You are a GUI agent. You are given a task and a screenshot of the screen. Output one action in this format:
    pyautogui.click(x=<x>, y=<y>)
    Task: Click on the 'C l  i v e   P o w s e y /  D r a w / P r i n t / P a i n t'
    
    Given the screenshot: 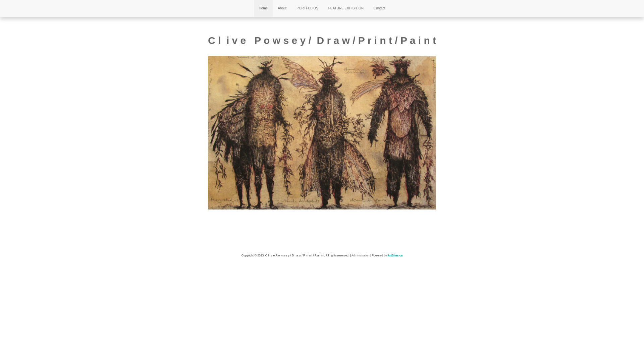 What is the action you would take?
    pyautogui.click(x=322, y=40)
    